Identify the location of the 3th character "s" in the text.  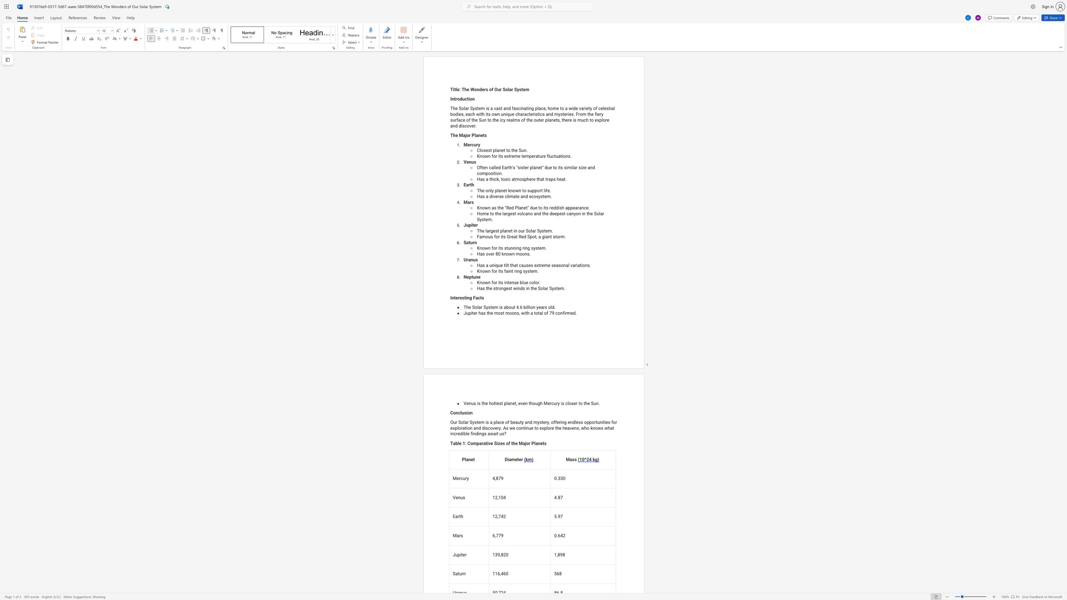
(540, 422).